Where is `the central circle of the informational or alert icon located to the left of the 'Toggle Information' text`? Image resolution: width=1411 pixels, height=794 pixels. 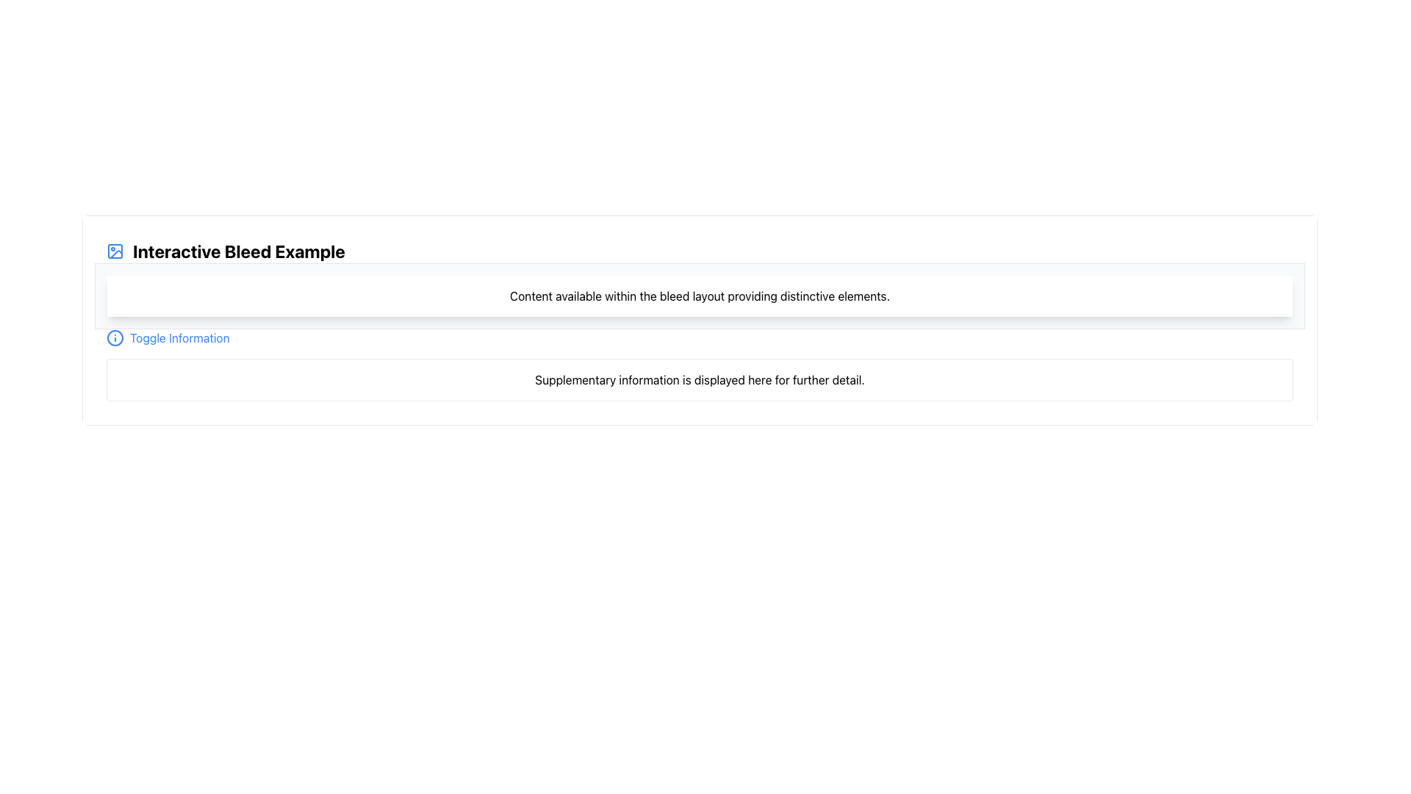
the central circle of the informational or alert icon located to the left of the 'Toggle Information' text is located at coordinates (115, 337).